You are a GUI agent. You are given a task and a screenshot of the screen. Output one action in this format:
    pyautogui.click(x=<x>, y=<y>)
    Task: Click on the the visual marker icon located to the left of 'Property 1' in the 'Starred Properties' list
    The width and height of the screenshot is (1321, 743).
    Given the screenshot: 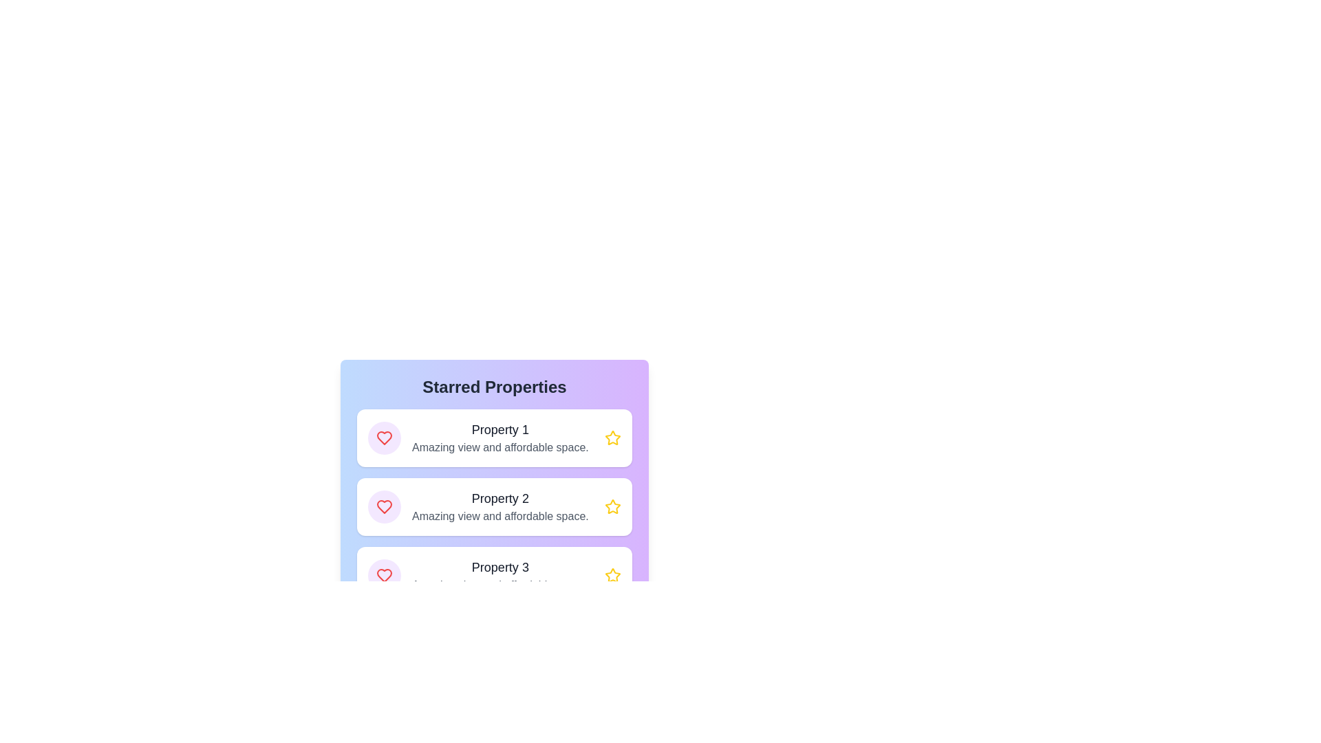 What is the action you would take?
    pyautogui.click(x=384, y=438)
    